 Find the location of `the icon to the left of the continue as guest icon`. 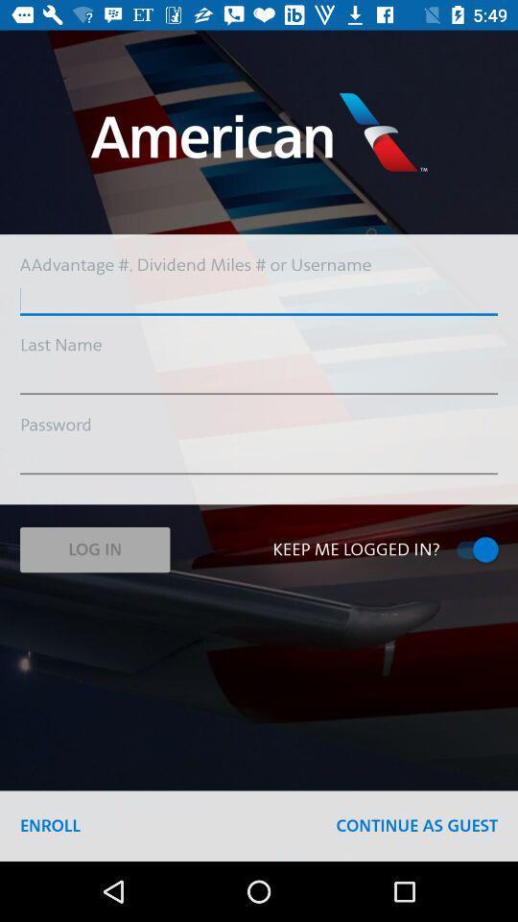

the icon to the left of the continue as guest icon is located at coordinates (50, 825).